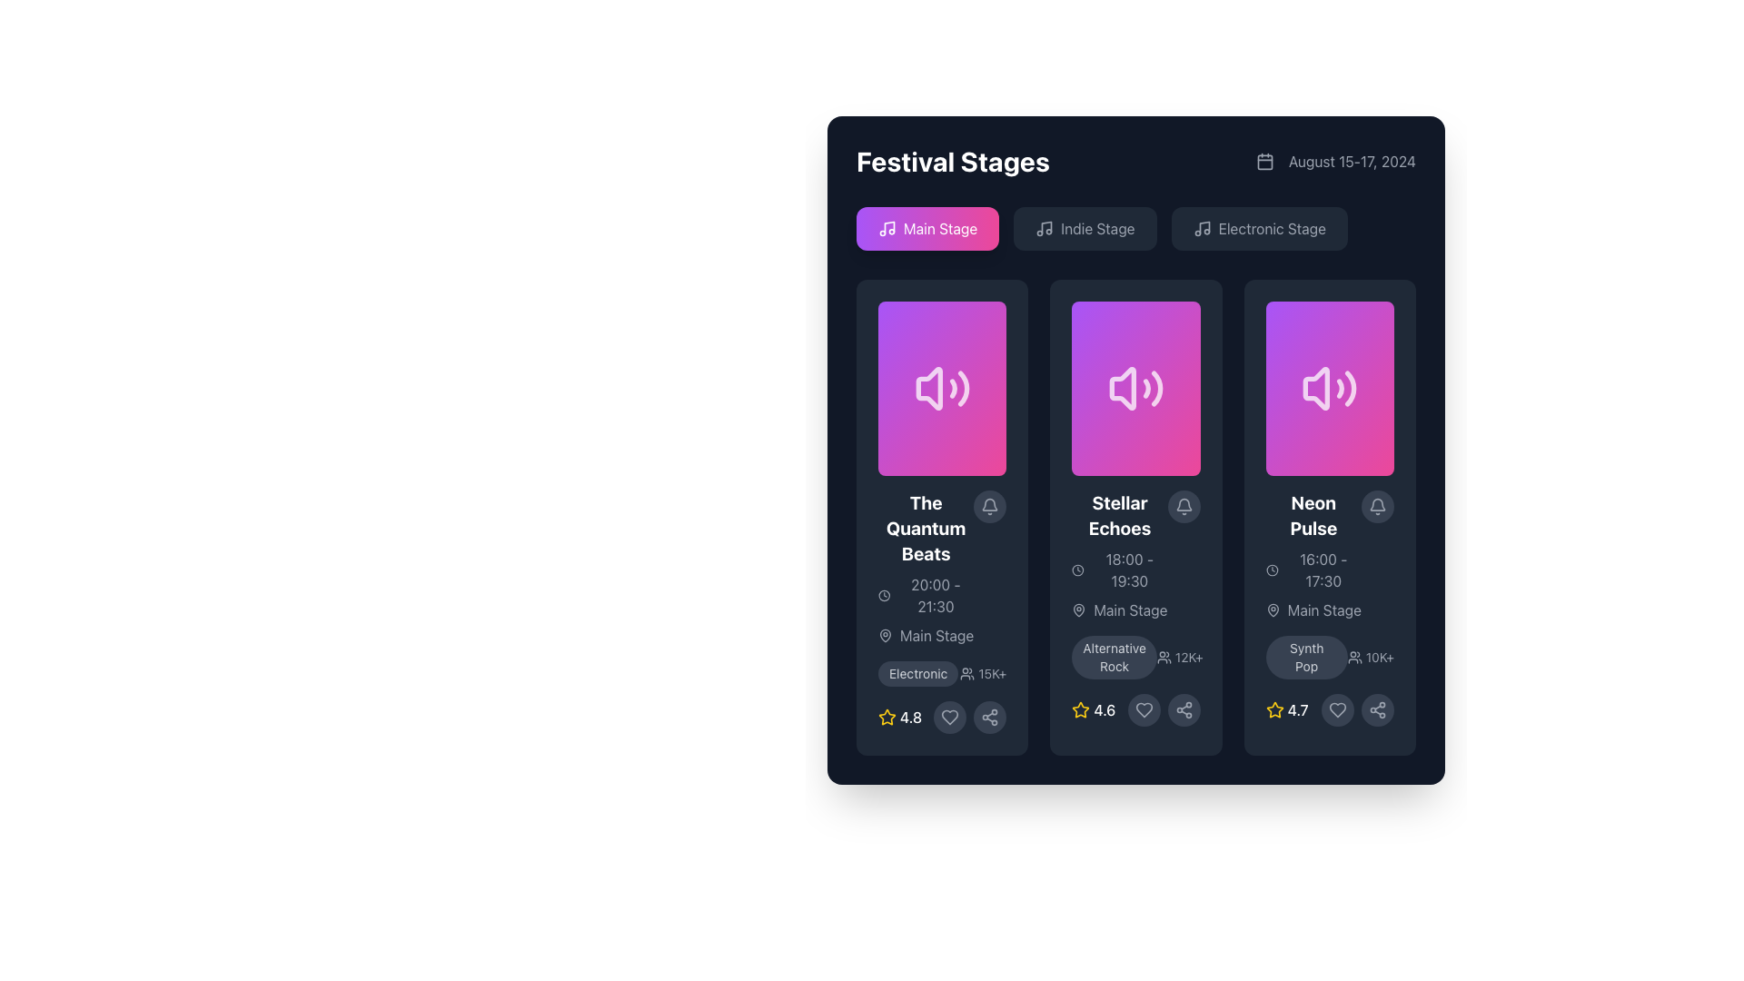  What do you see at coordinates (1135, 227) in the screenshot?
I see `the 'Indie Stage' button, which is the middle button in a group of three horizontally aligned buttons` at bounding box center [1135, 227].